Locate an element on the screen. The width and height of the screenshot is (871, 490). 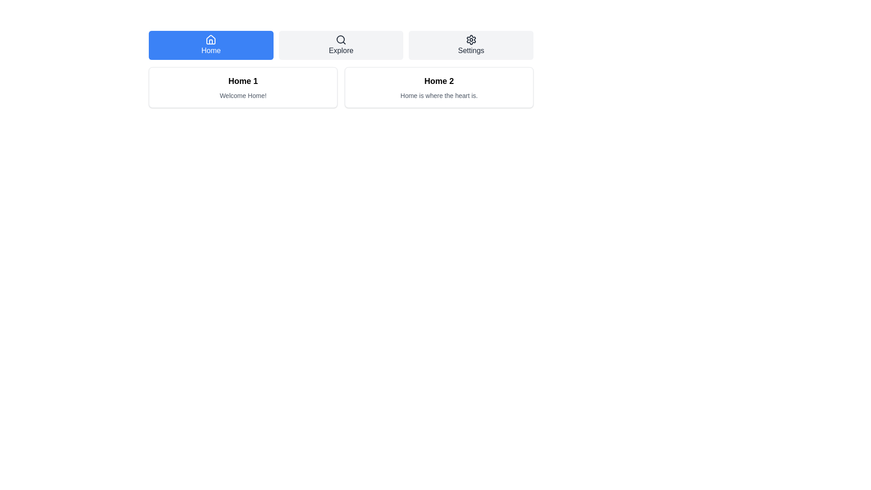
the static text providing additional information about 'Home 2', positioned below the title and centered horizontally is located at coordinates (439, 96).